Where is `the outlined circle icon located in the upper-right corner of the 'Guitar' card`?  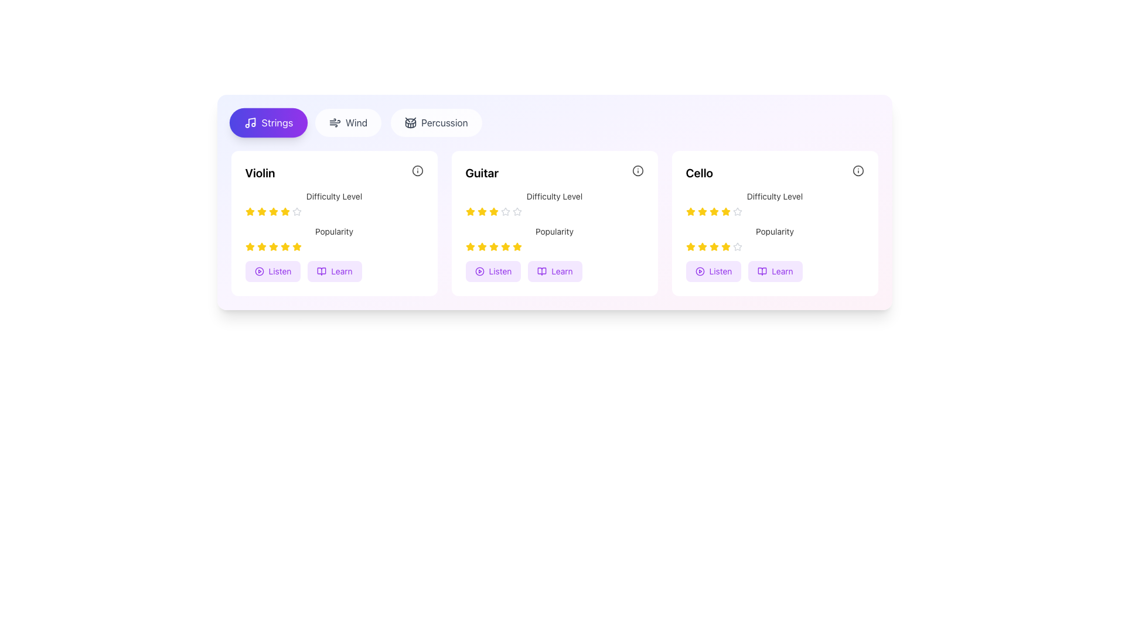
the outlined circle icon located in the upper-right corner of the 'Guitar' card is located at coordinates (637, 171).